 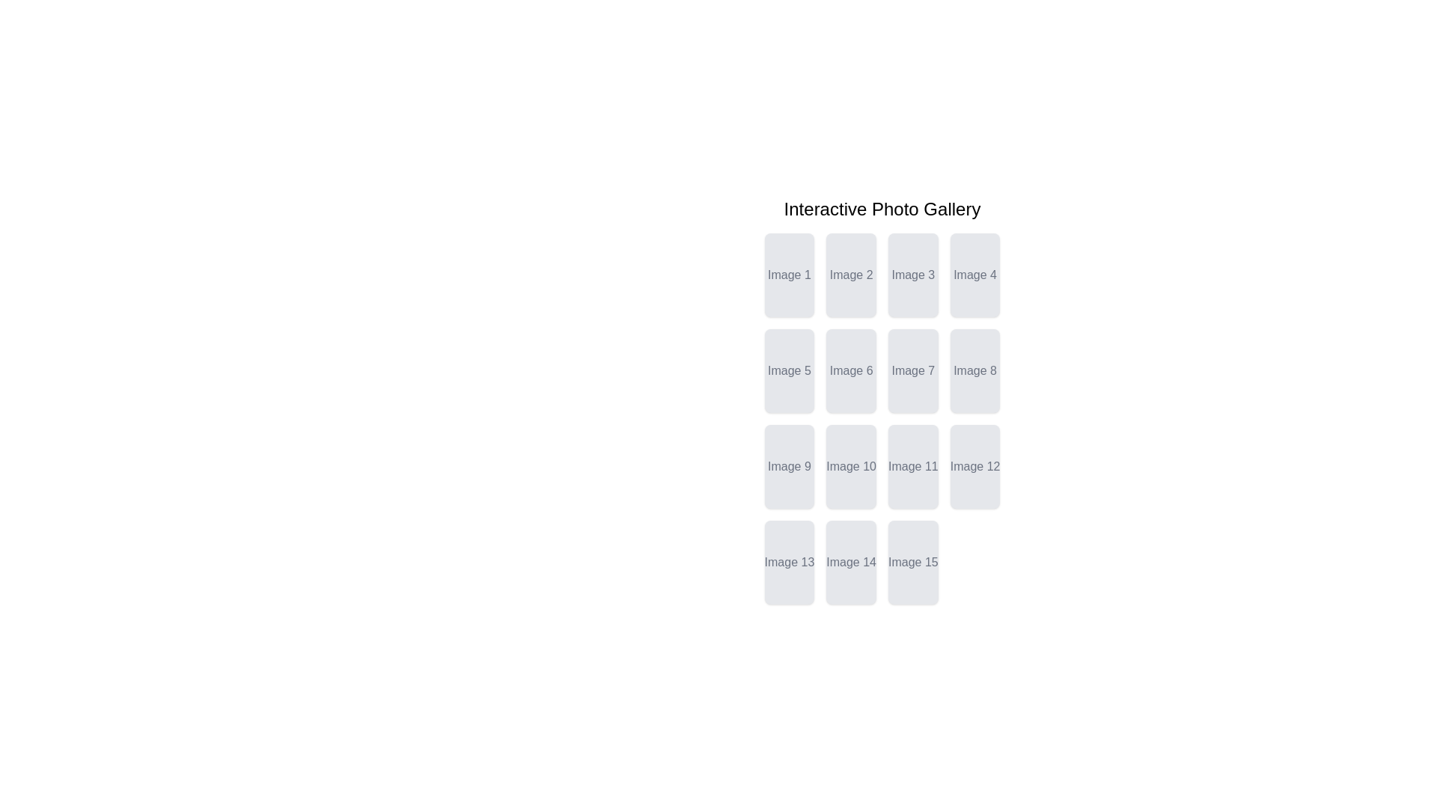 What do you see at coordinates (954, 493) in the screenshot?
I see `the SVG graphical element that serves as a visual cue for messaging functionality related to Image 12 in the photo gallery` at bounding box center [954, 493].